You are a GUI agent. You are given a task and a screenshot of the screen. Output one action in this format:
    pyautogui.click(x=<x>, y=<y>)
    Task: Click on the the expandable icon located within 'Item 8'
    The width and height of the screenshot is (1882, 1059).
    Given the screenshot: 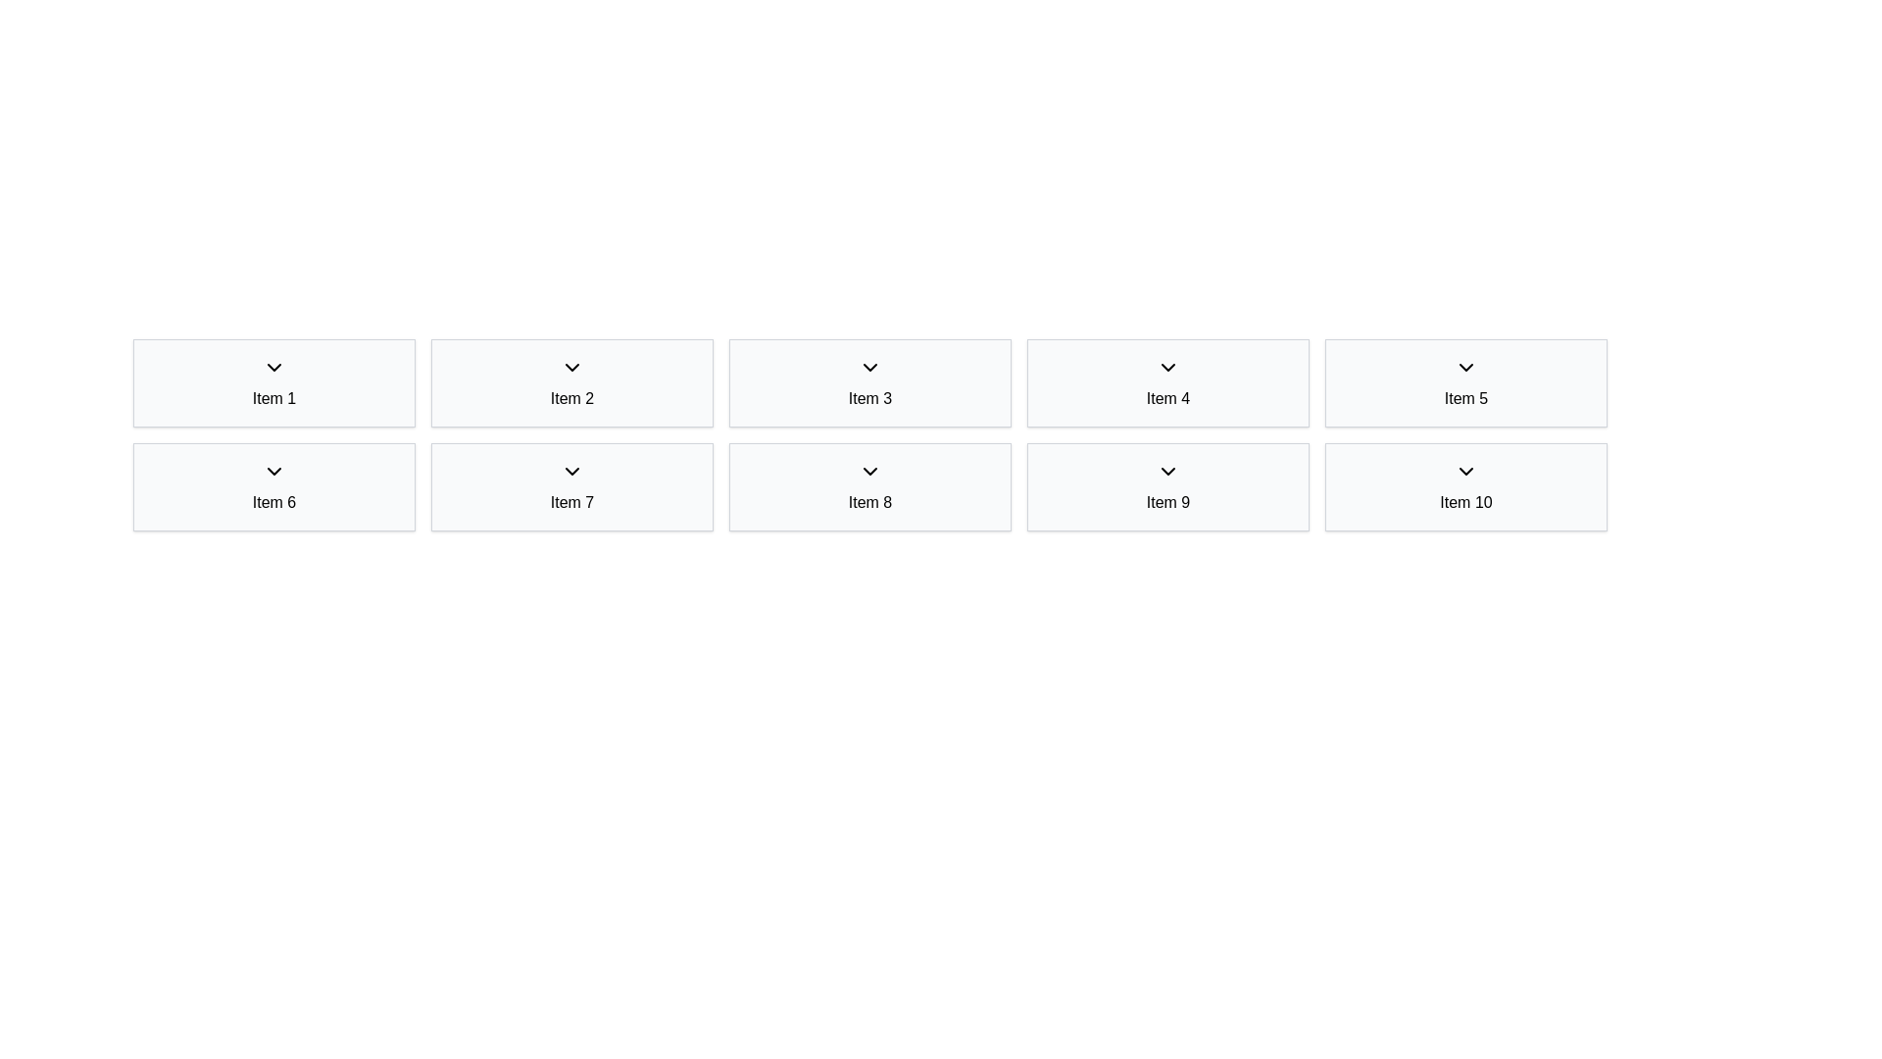 What is the action you would take?
    pyautogui.click(x=869, y=472)
    